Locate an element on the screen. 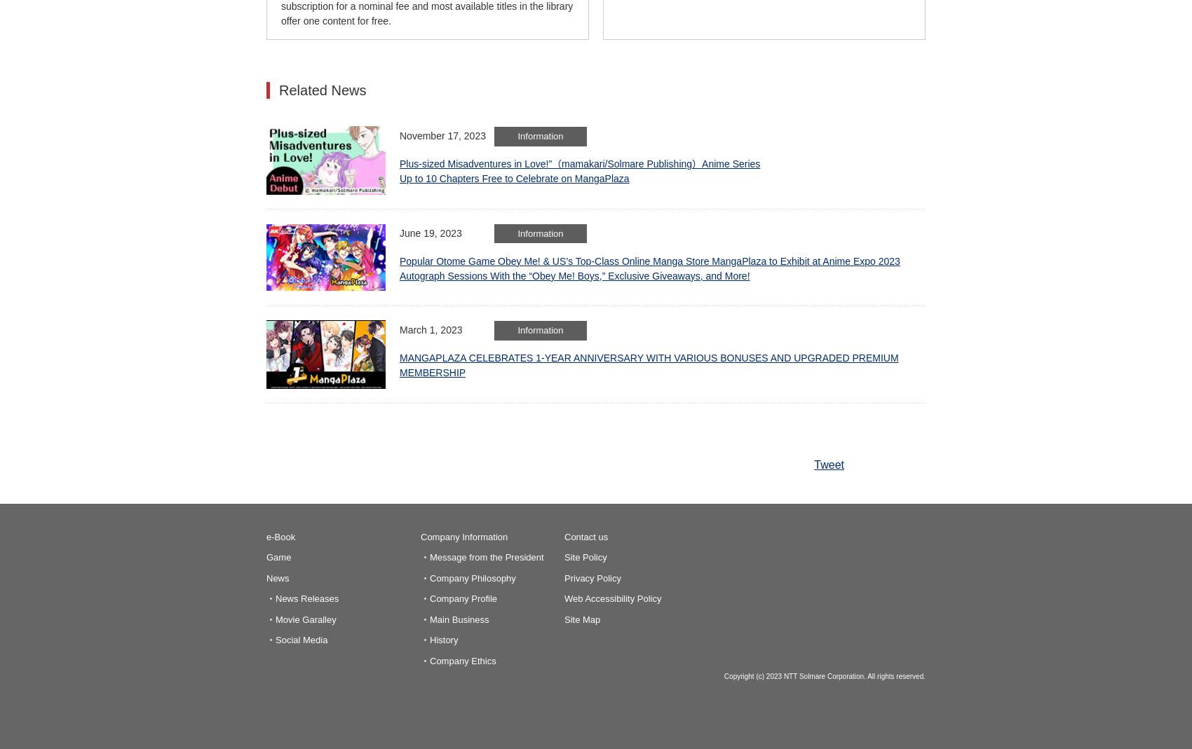  'Related News' is located at coordinates (323, 90).